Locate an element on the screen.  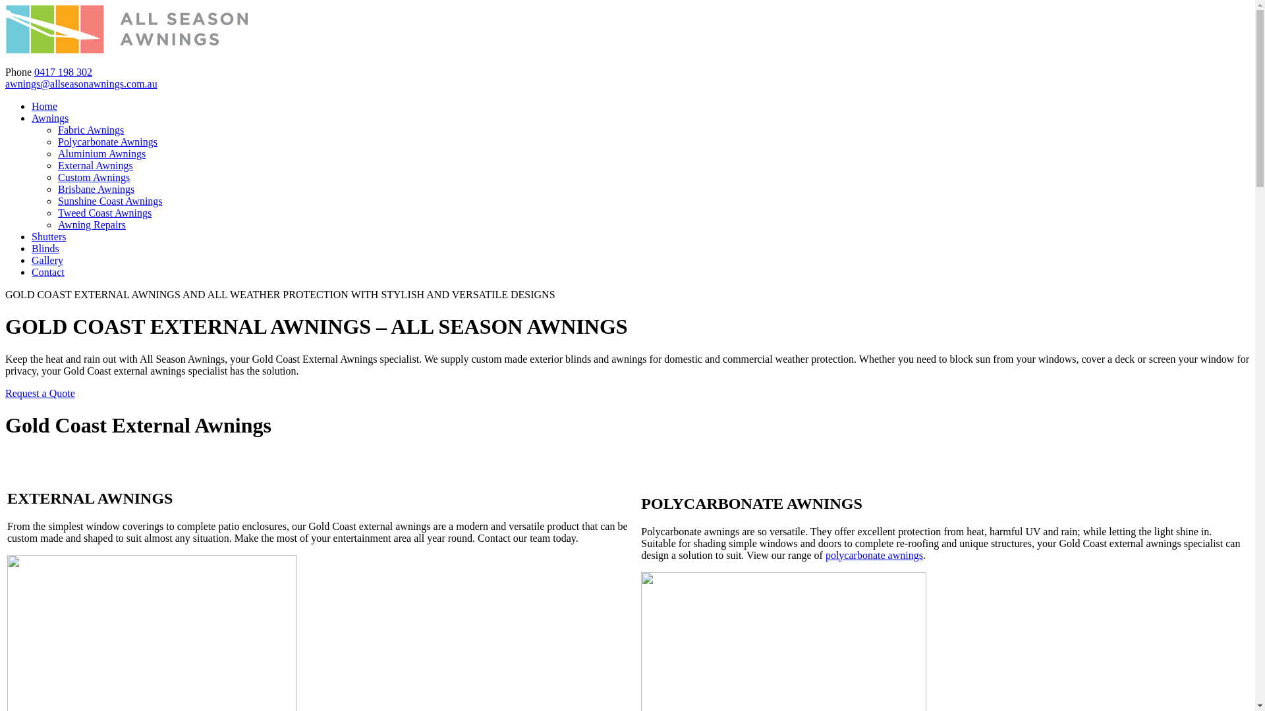
'Polycarbonate Awnings' is located at coordinates (107, 142).